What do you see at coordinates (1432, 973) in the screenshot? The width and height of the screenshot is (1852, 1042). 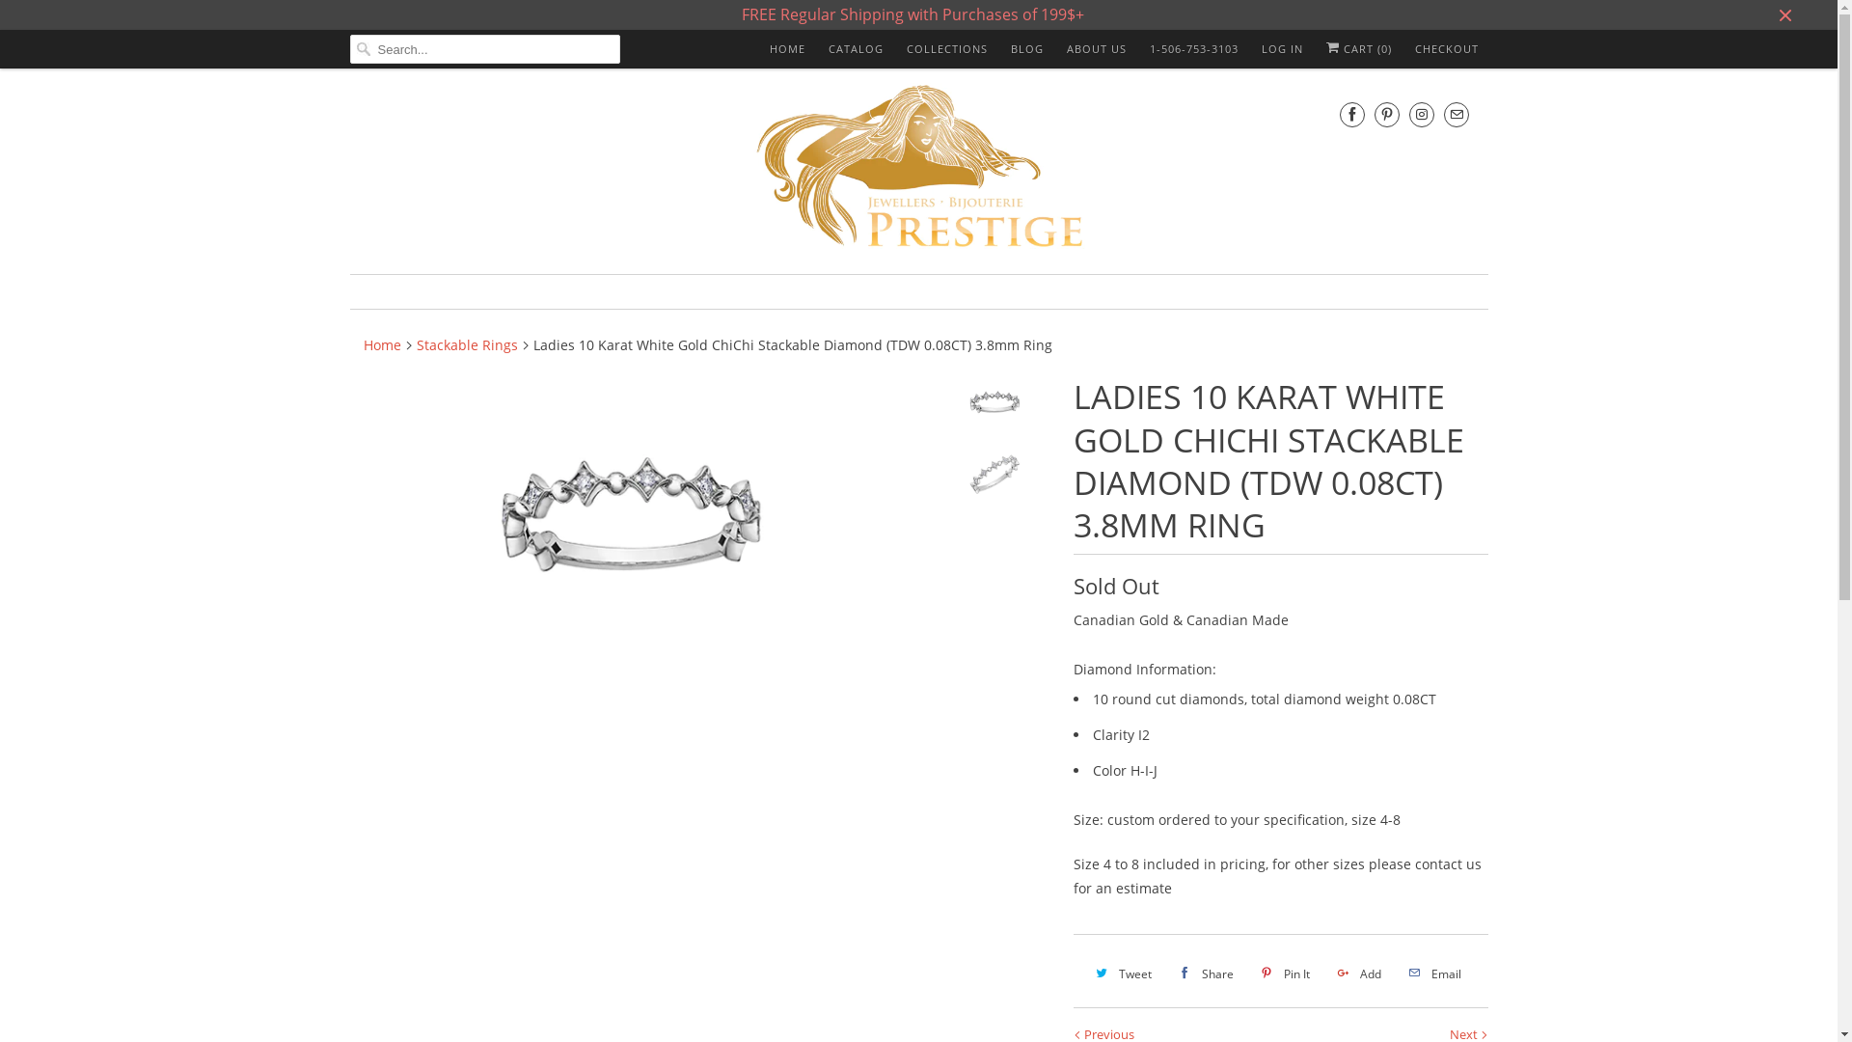 I see `'Email'` at bounding box center [1432, 973].